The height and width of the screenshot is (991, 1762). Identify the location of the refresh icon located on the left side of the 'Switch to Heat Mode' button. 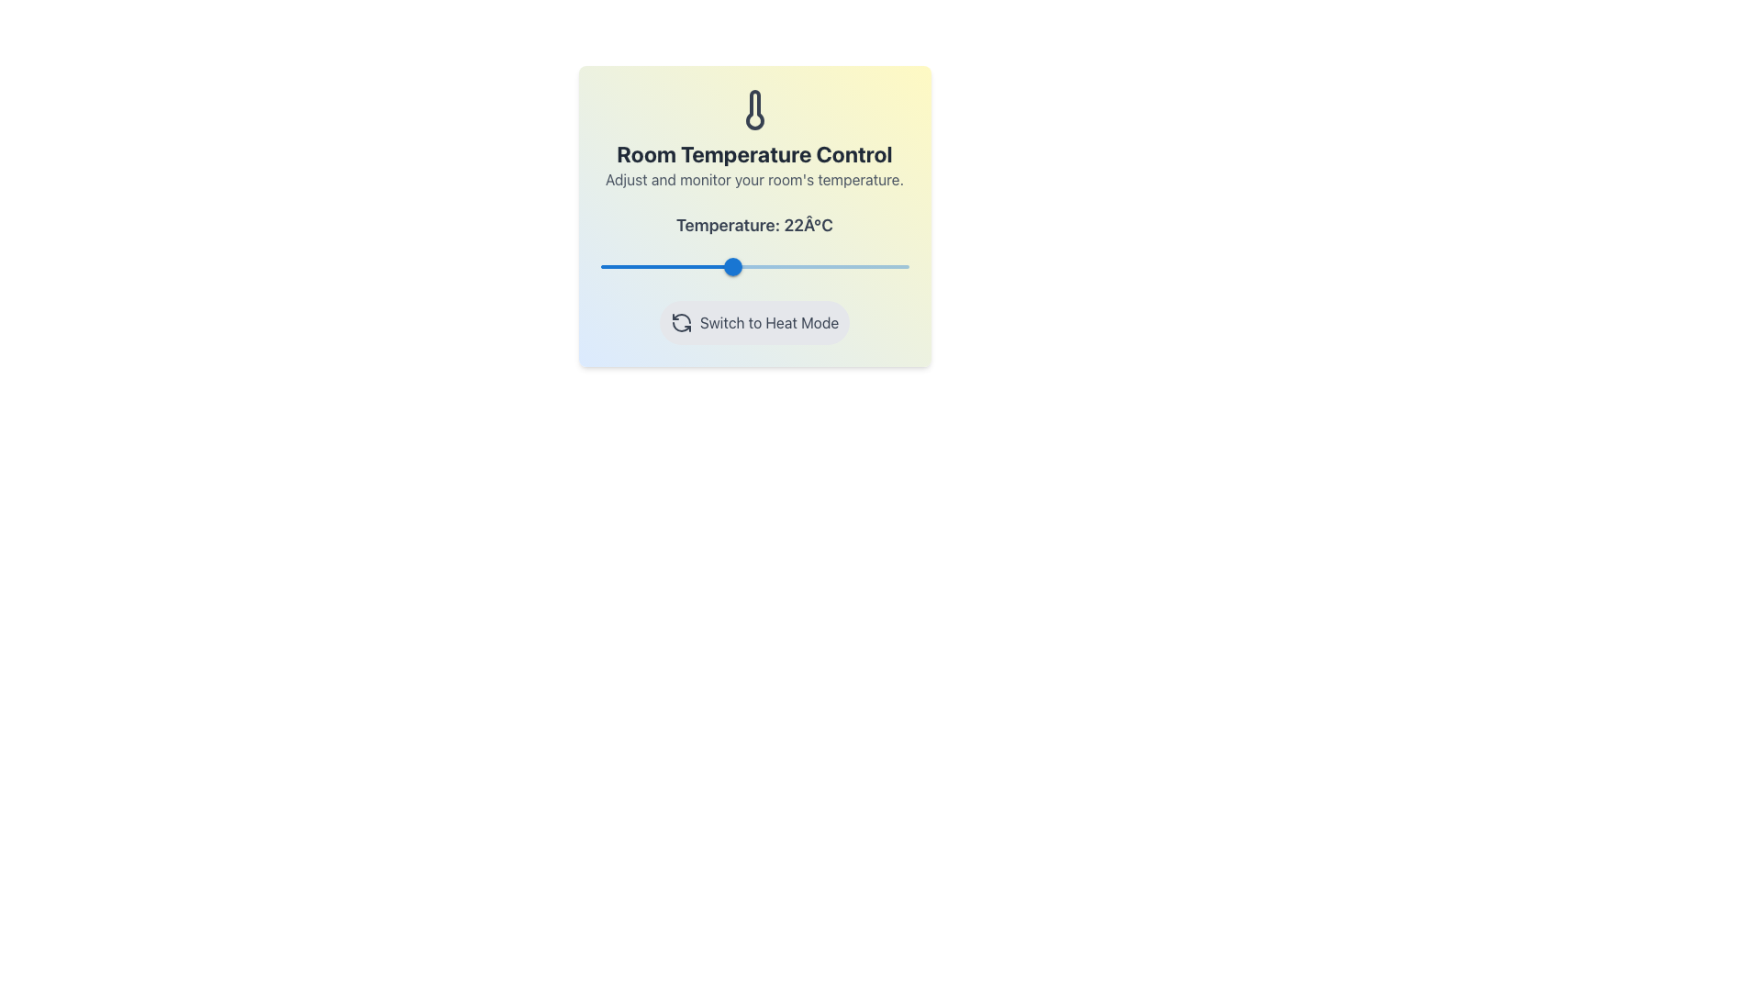
(680, 321).